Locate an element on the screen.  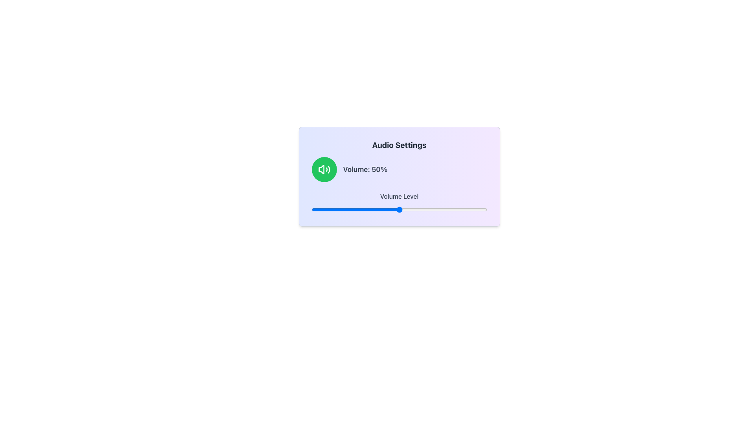
volume level is located at coordinates (436, 209).